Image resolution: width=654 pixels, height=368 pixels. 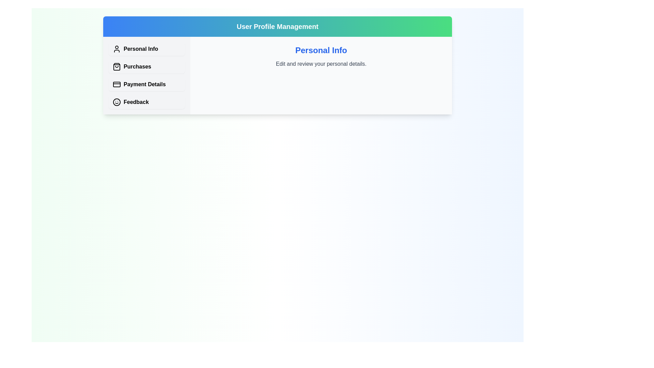 I want to click on the icon for the Personal Info tab, so click(x=116, y=48).